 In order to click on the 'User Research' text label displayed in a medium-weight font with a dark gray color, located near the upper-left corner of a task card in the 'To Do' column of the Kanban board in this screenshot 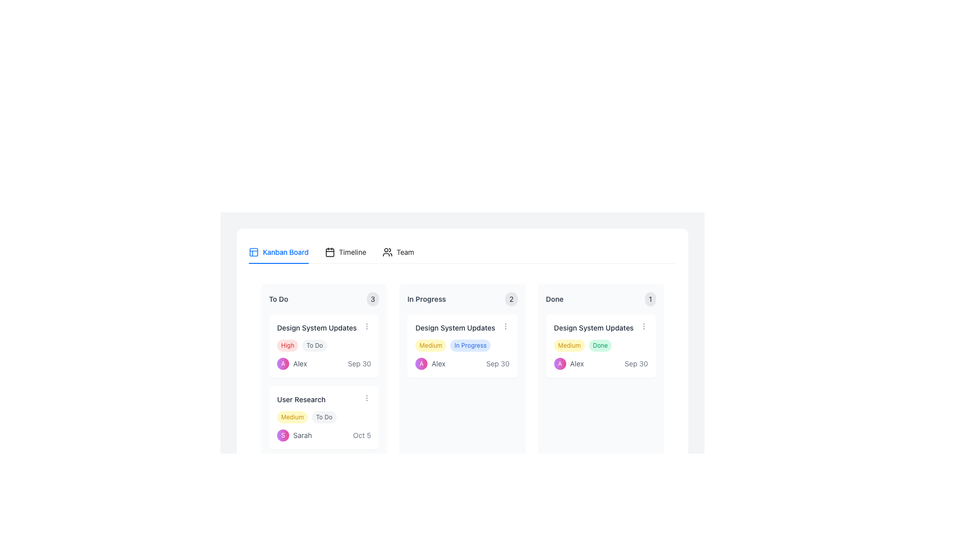, I will do `click(301, 399)`.